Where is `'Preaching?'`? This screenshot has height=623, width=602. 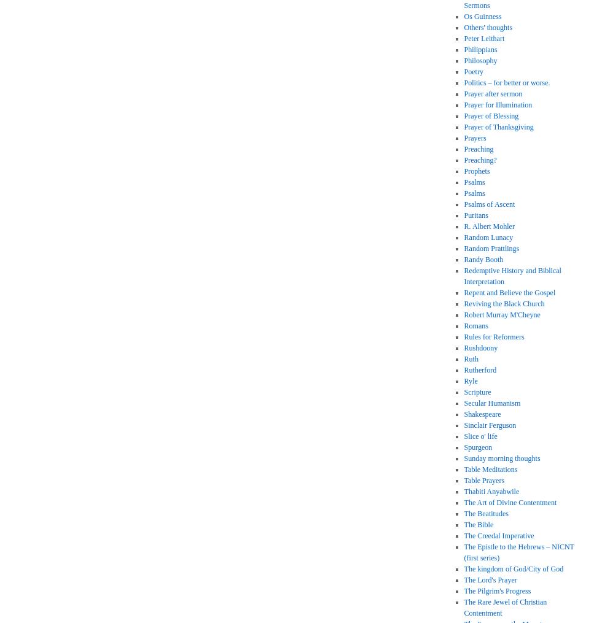 'Preaching?' is located at coordinates (480, 160).